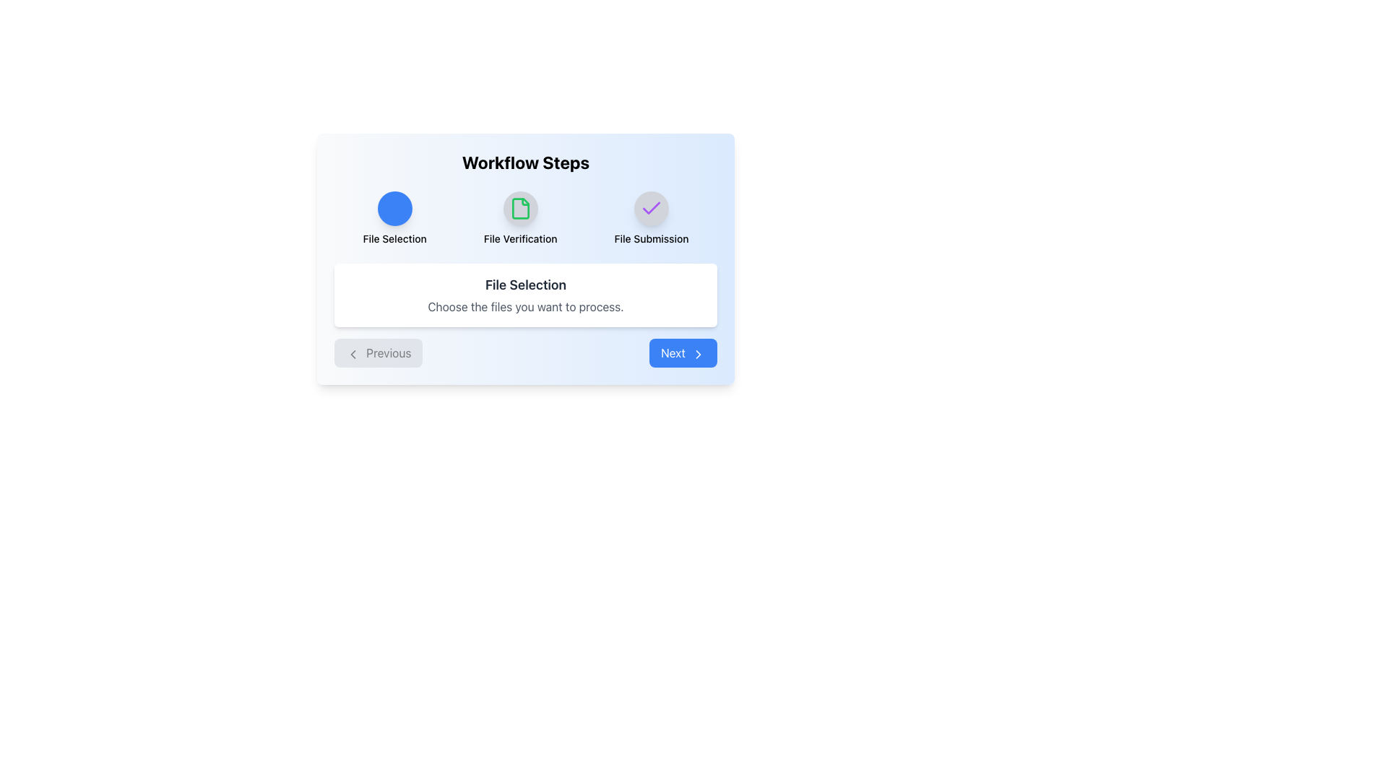 The image size is (1387, 780). I want to click on the 'File Verification' icon with a green file-like icon and bold label text, so click(520, 219).